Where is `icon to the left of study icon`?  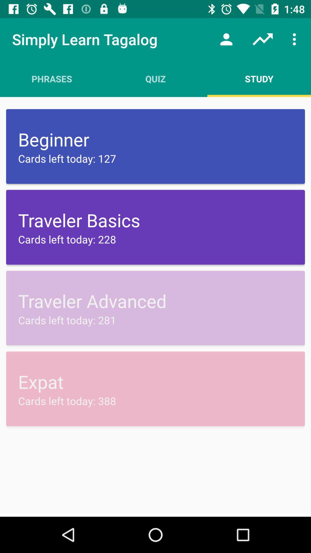 icon to the left of study icon is located at coordinates (155, 78).